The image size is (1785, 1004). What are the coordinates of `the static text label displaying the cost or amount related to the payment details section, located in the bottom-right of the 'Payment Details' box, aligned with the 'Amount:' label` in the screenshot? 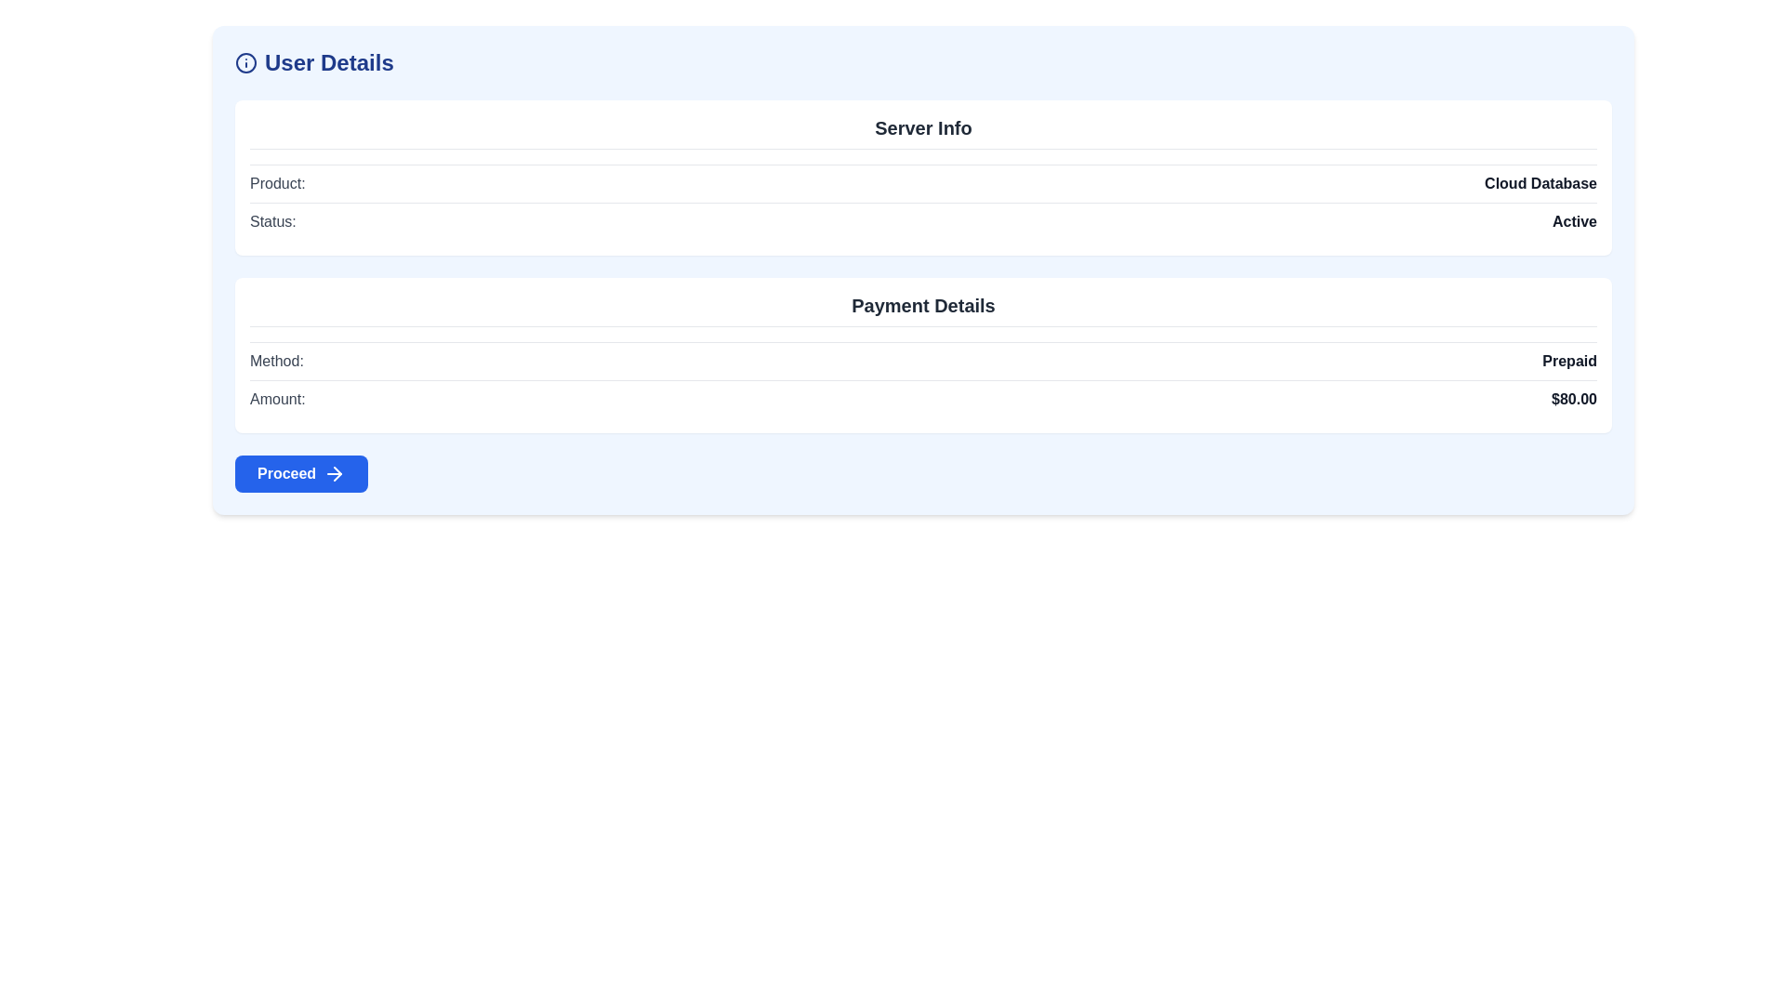 It's located at (1573, 398).